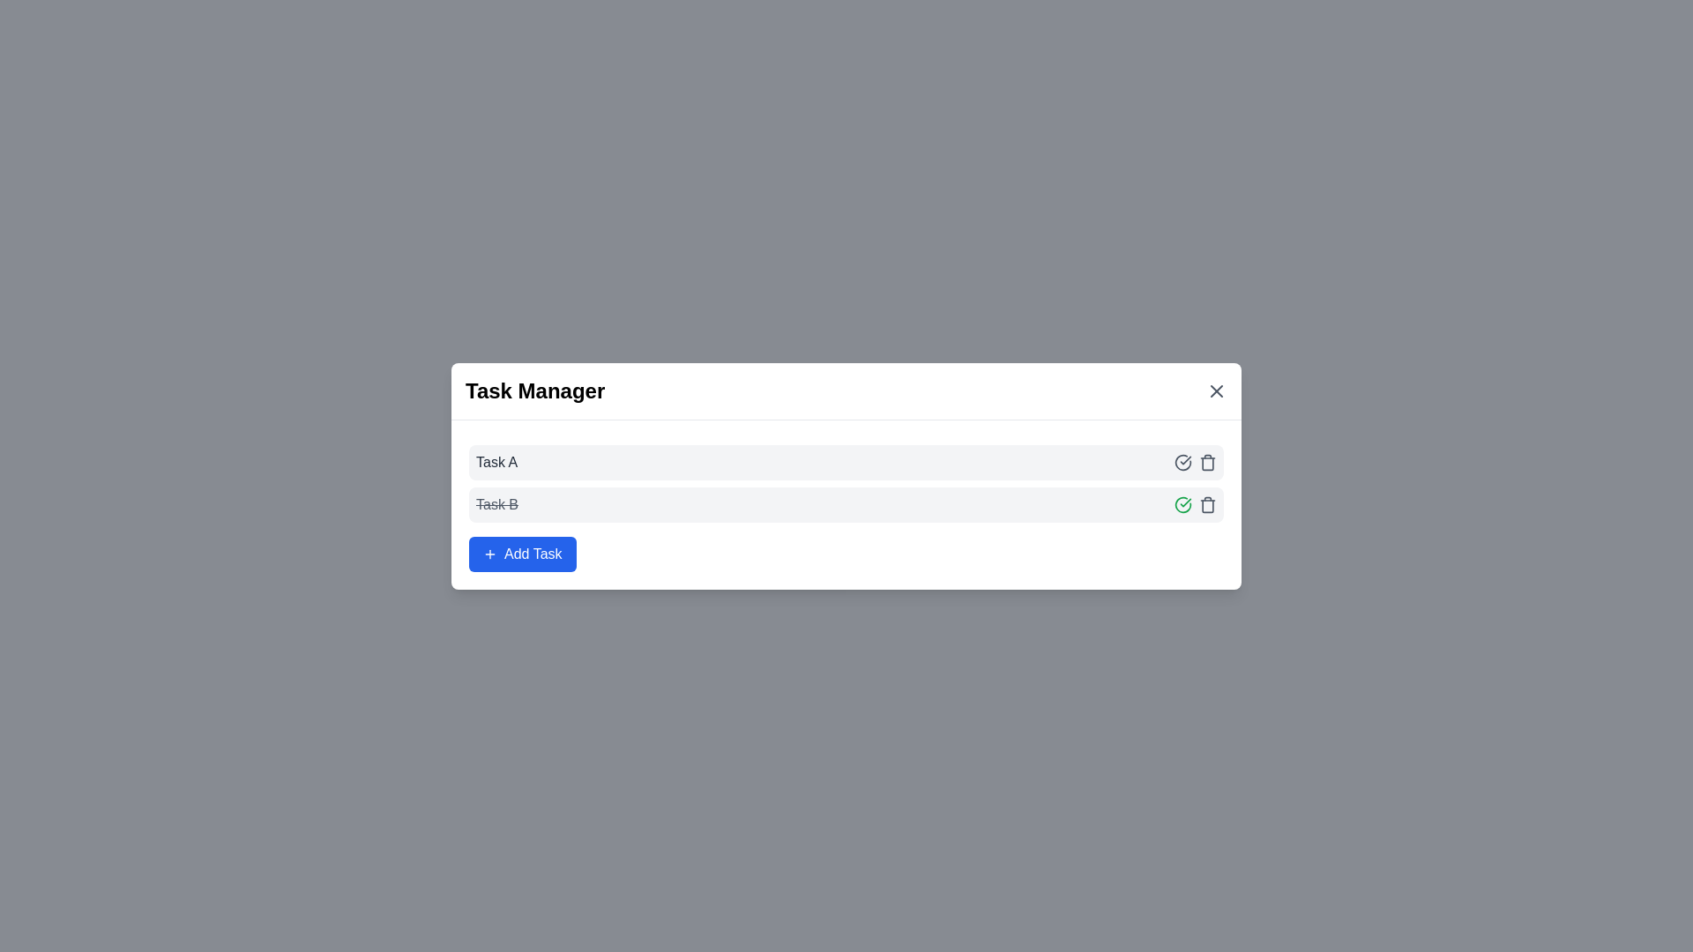 This screenshot has width=1693, height=952. I want to click on the 'X'-shaped icon located in the top-right corner of the card titled 'Task Manager', so click(1216, 390).